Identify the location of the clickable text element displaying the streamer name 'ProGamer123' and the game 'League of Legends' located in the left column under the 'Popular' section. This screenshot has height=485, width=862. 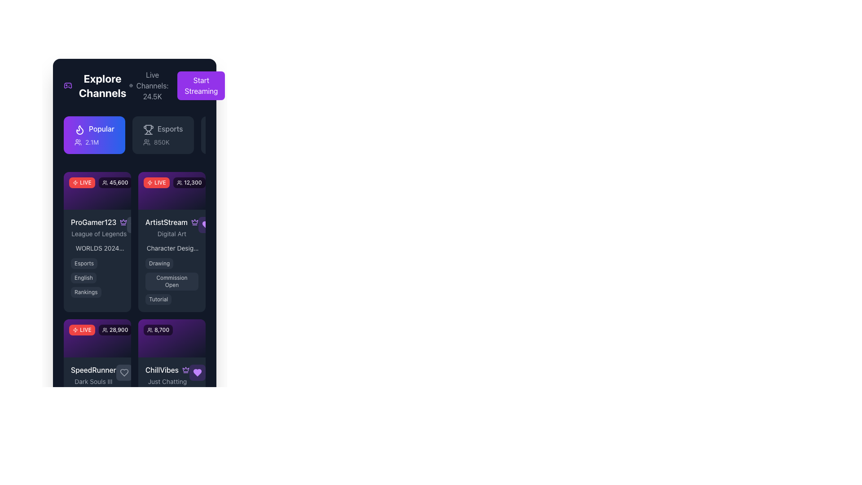
(97, 227).